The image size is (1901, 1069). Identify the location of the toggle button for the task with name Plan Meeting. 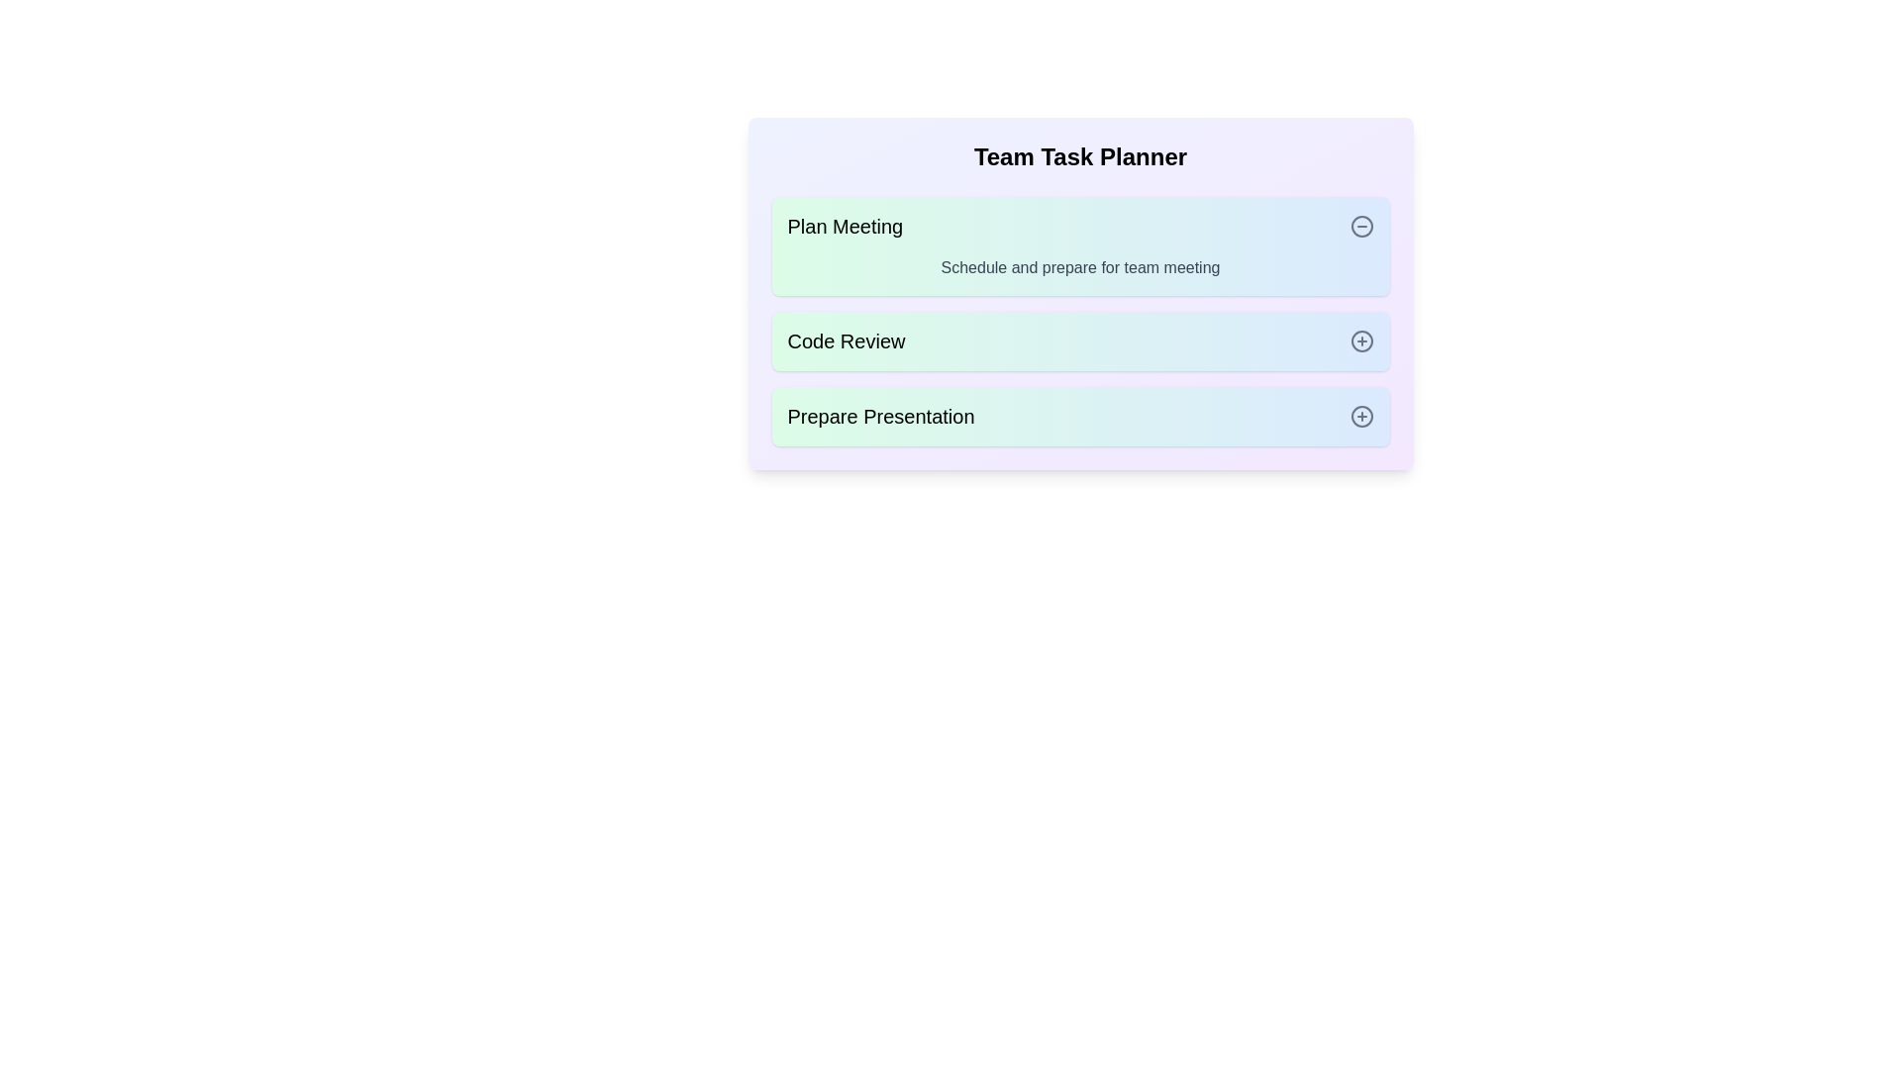
(1360, 225).